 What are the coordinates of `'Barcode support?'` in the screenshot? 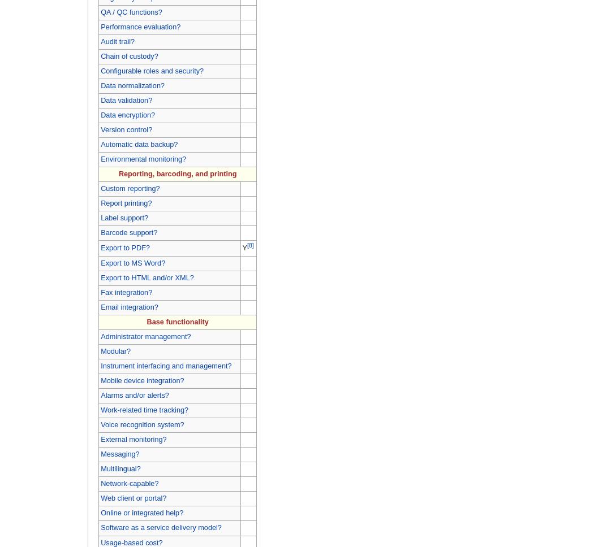 It's located at (128, 232).